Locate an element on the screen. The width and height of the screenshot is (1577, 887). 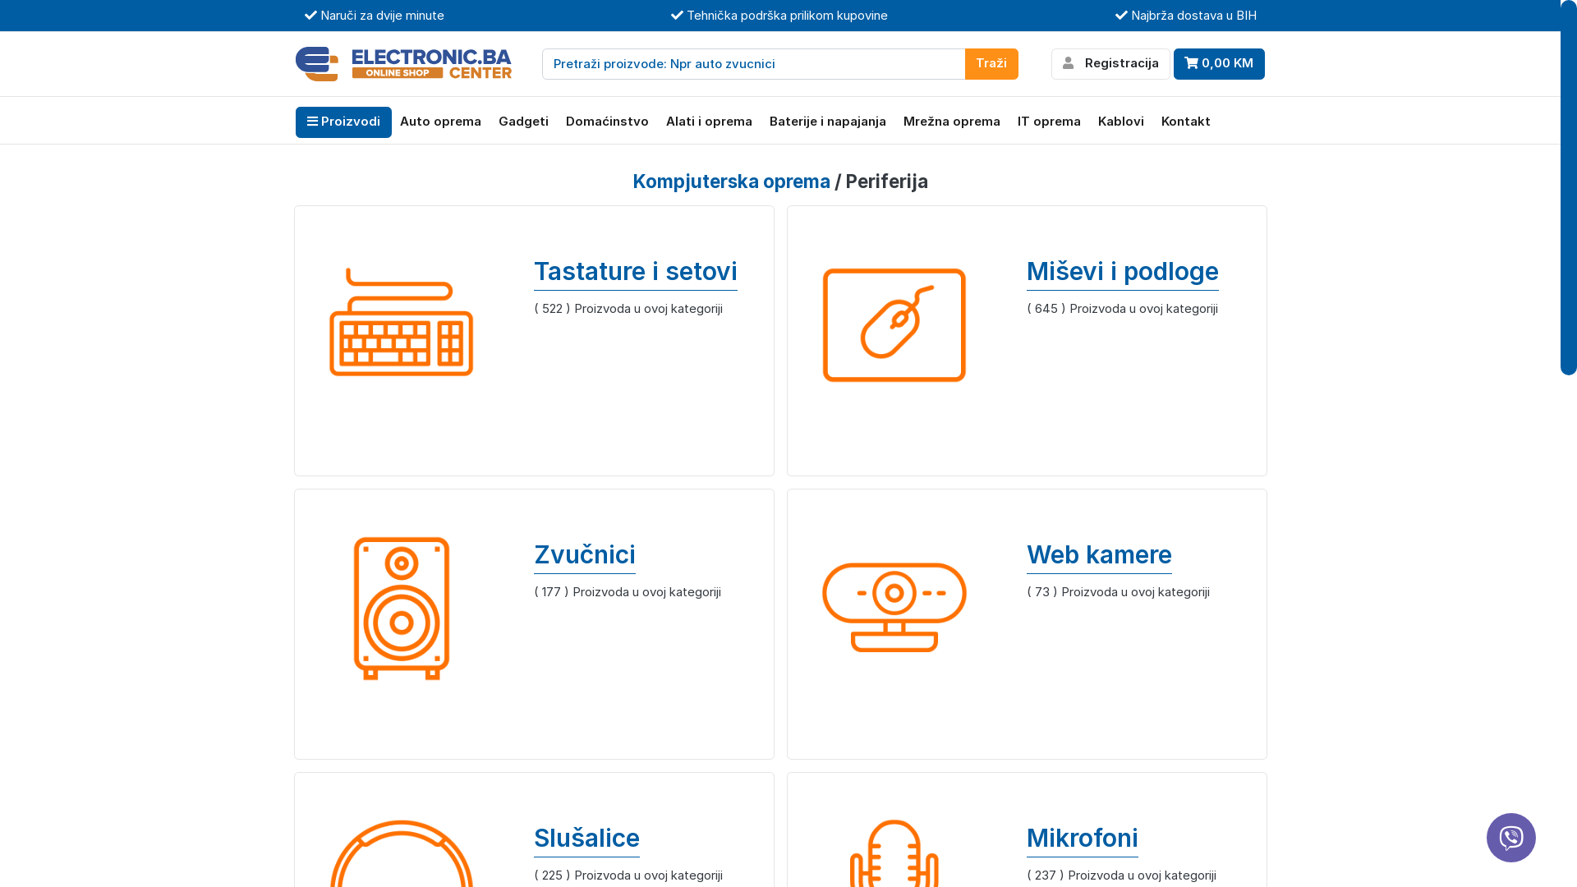
'Kompjuterska oprema' is located at coordinates (729, 181).